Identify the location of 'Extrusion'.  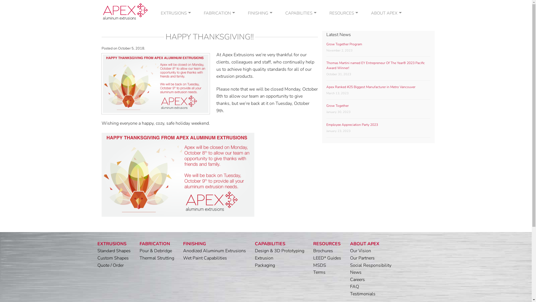
(264, 258).